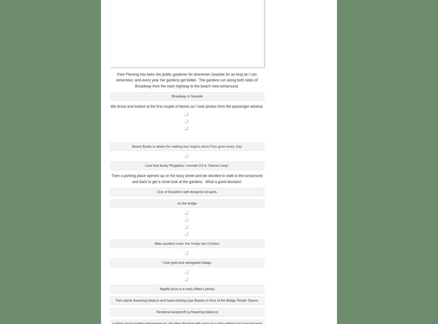 The height and width of the screenshot is (324, 438). Describe the element at coordinates (219, 243) in the screenshot. I see `'.'` at that location.